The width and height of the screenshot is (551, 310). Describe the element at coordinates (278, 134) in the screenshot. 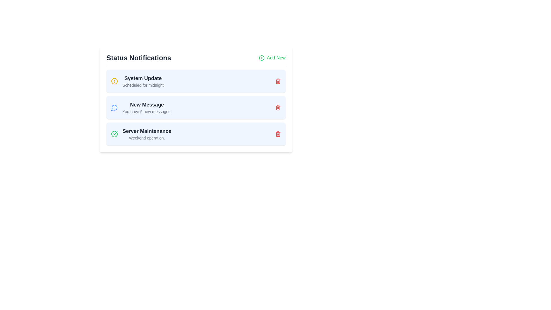

I see `trash icon next to the item titled Server Maintenance to remove it` at that location.